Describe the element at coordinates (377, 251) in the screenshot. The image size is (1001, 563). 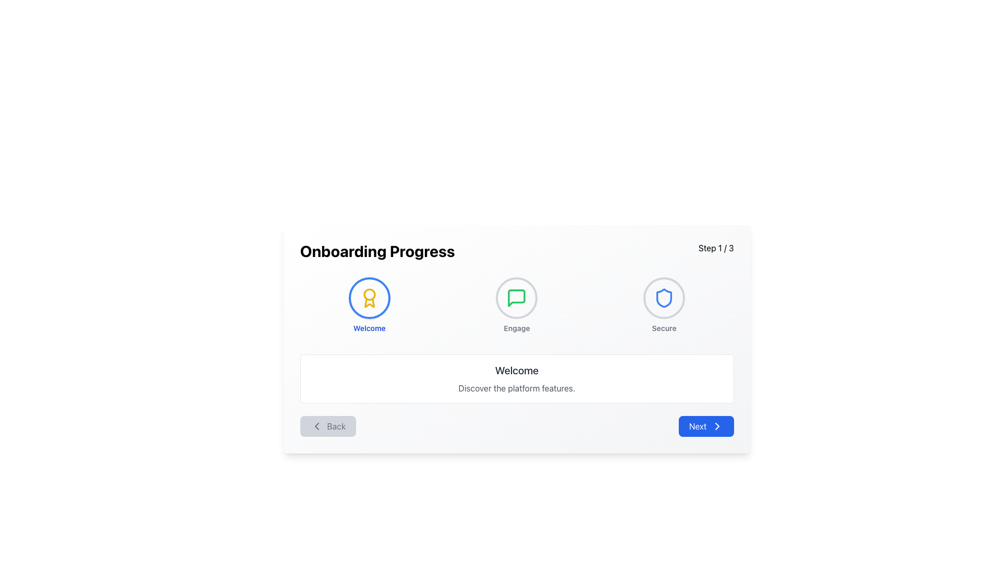
I see `text content of the label displaying 'Onboarding Progress', which is located at the top-left of its section` at that location.